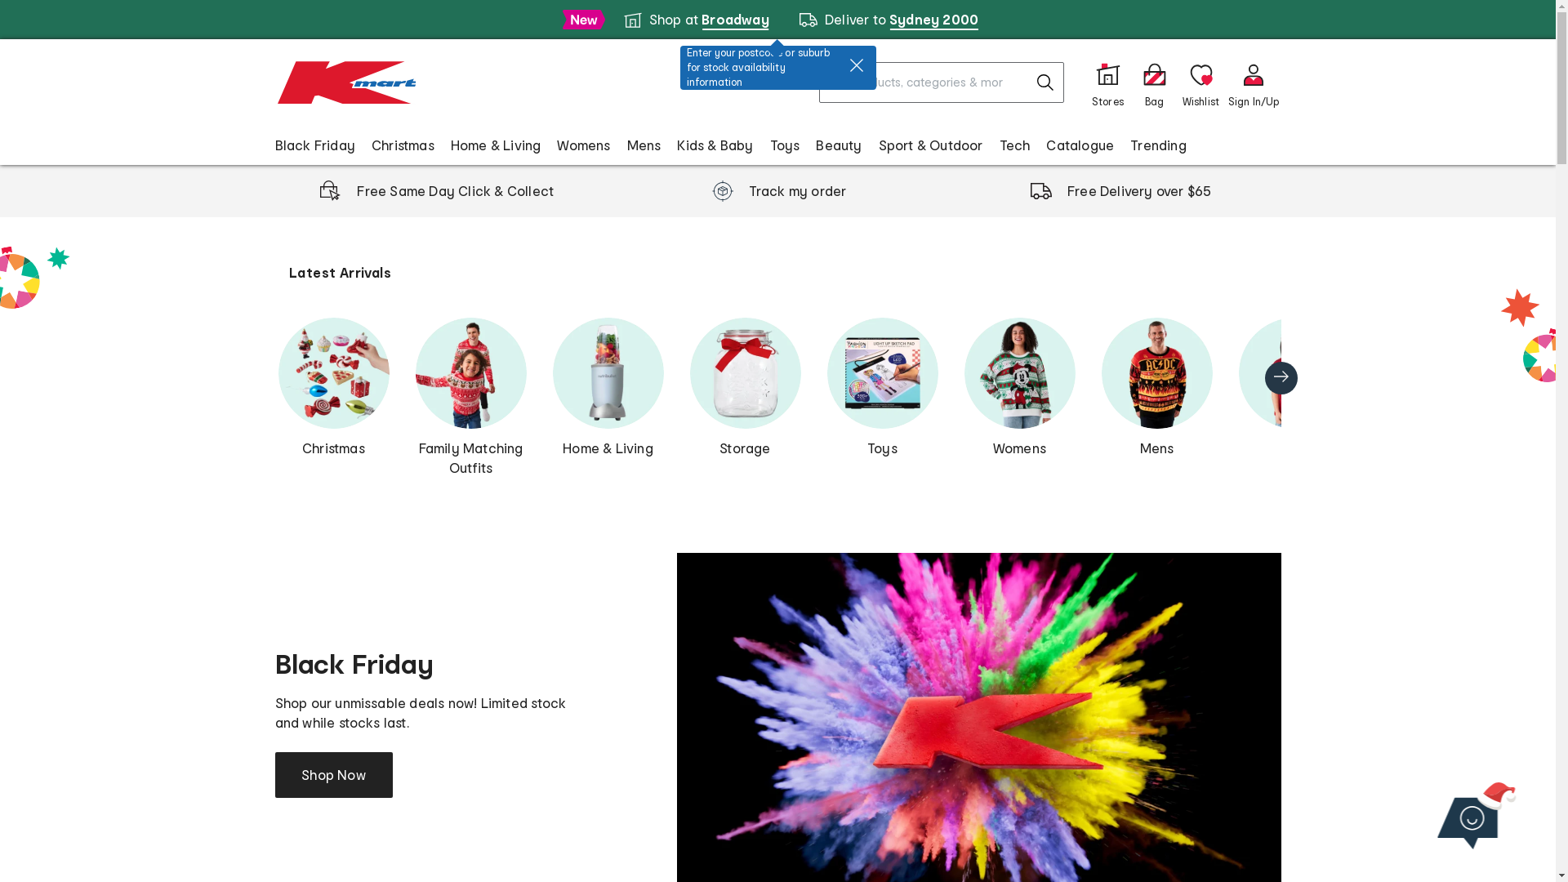  I want to click on 'Black Friday', so click(314, 144).